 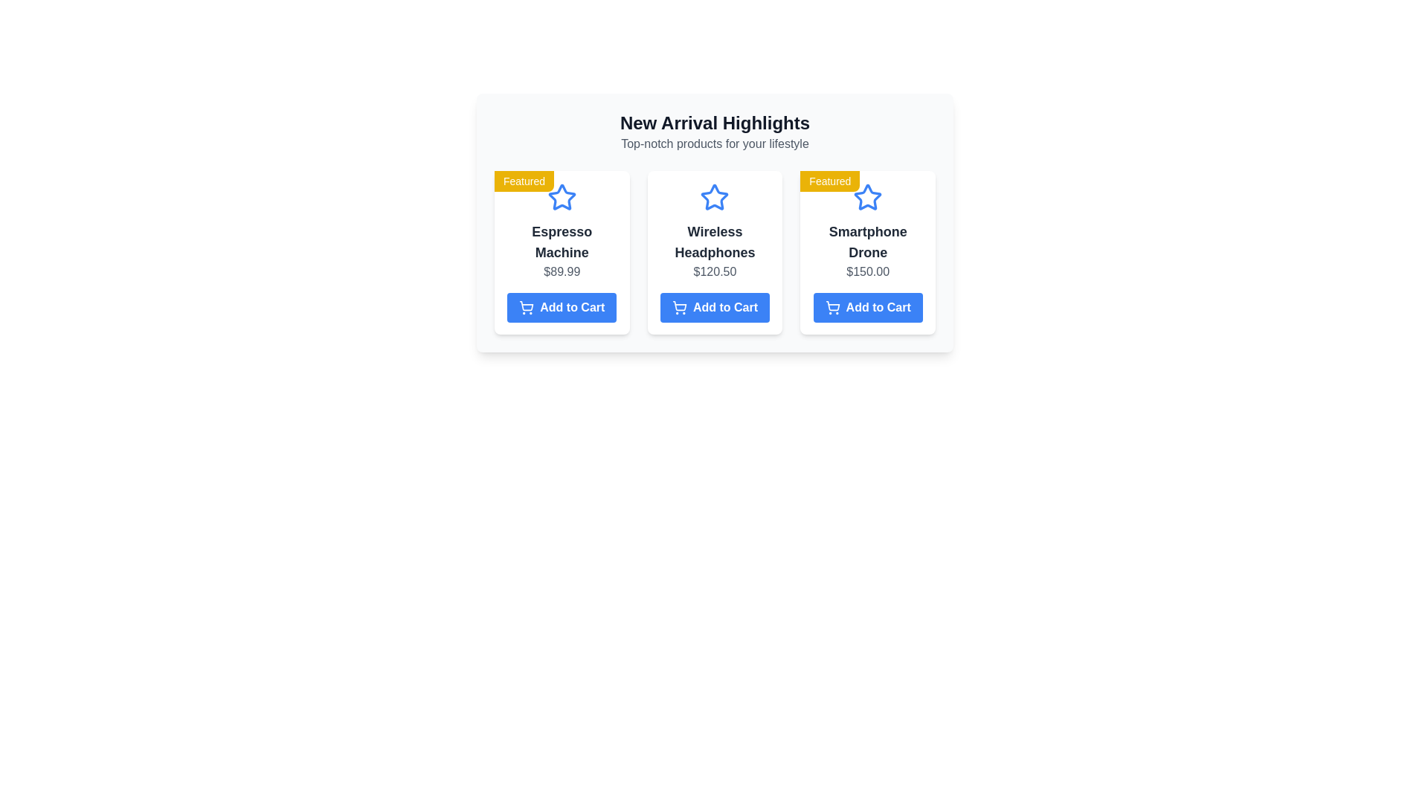 What do you see at coordinates (715, 143) in the screenshot?
I see `the static text that reads 'Top-notch products for your lifestyle', which is styled in gray and positioned below the 'New Arrival Highlights' heading` at bounding box center [715, 143].